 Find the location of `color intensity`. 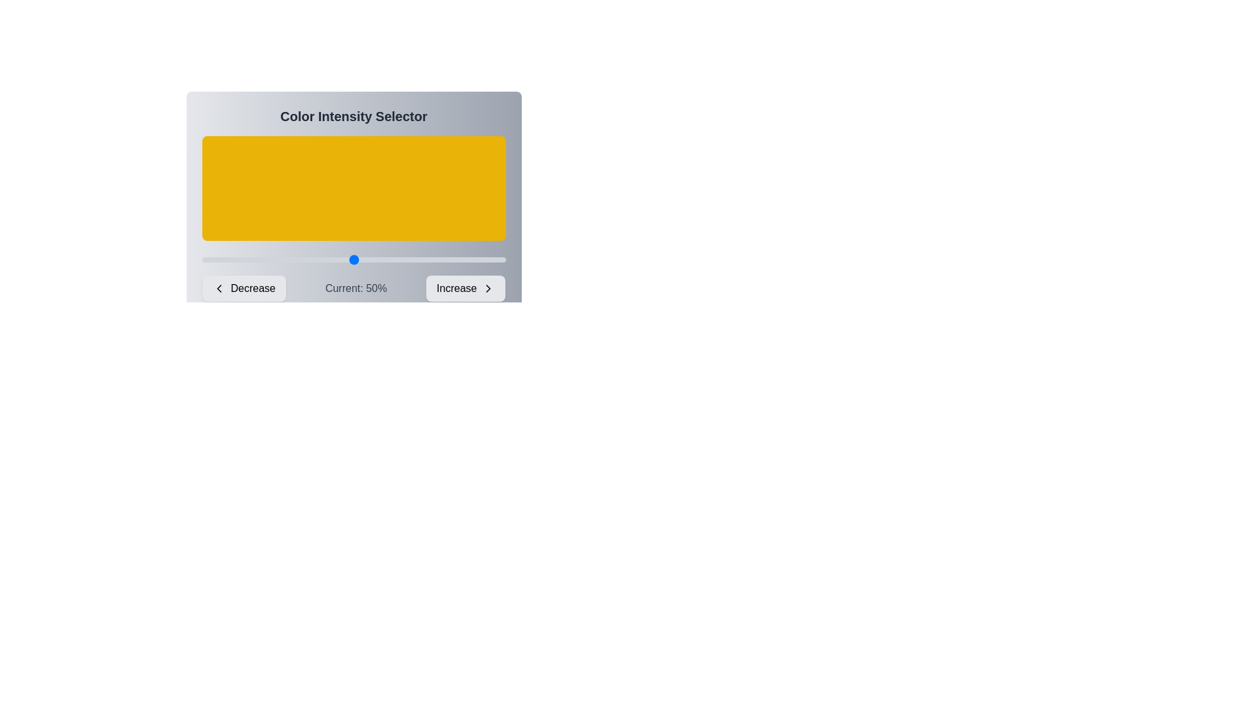

color intensity is located at coordinates (357, 260).